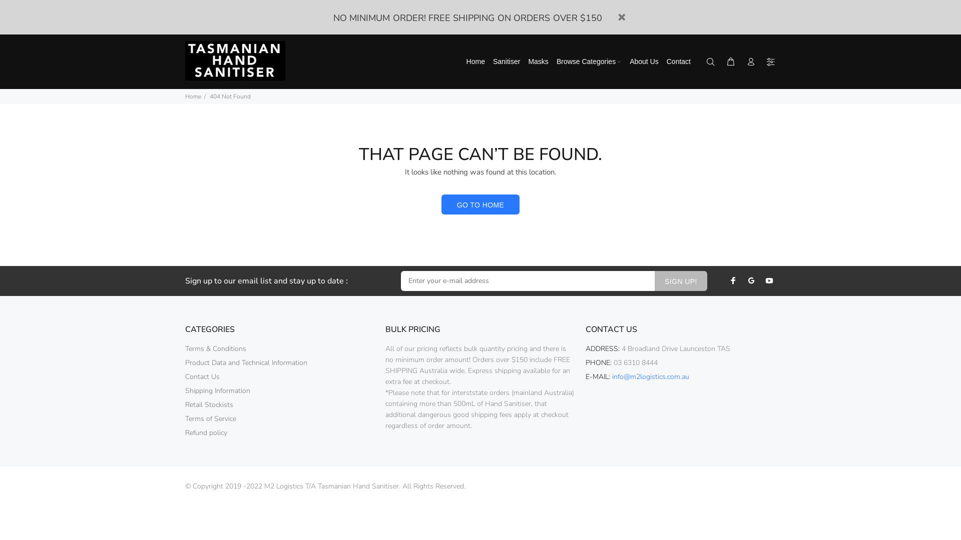 The width and height of the screenshot is (961, 540). Describe the element at coordinates (210, 418) in the screenshot. I see `'Terms of Service'` at that location.